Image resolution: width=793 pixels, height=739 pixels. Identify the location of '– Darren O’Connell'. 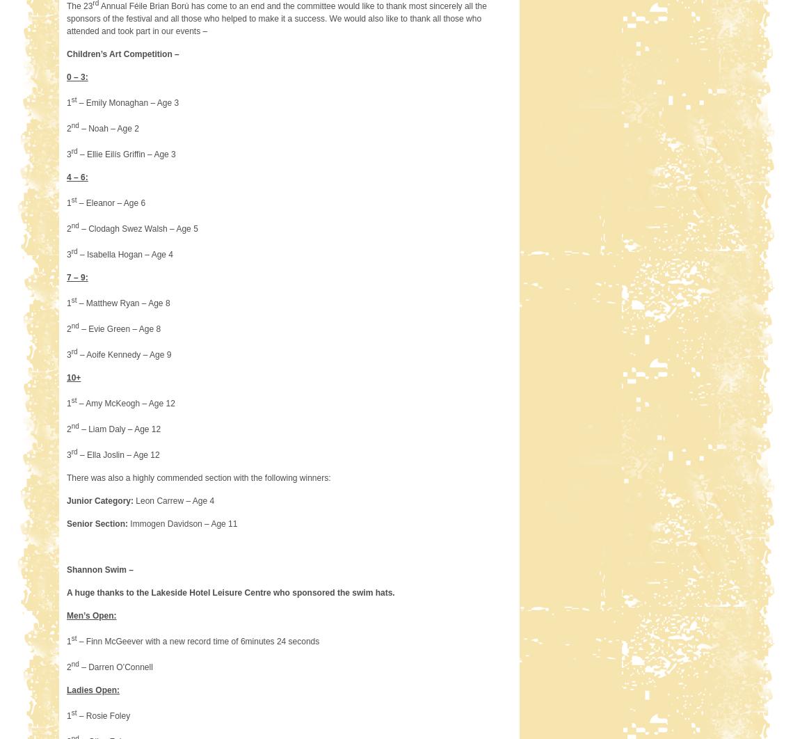
(115, 666).